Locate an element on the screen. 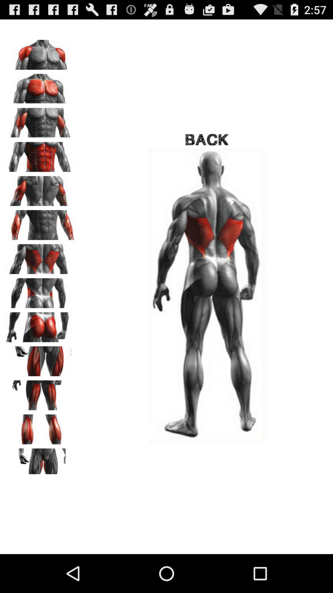 The height and width of the screenshot is (593, 333). the pause icon is located at coordinates (40, 457).